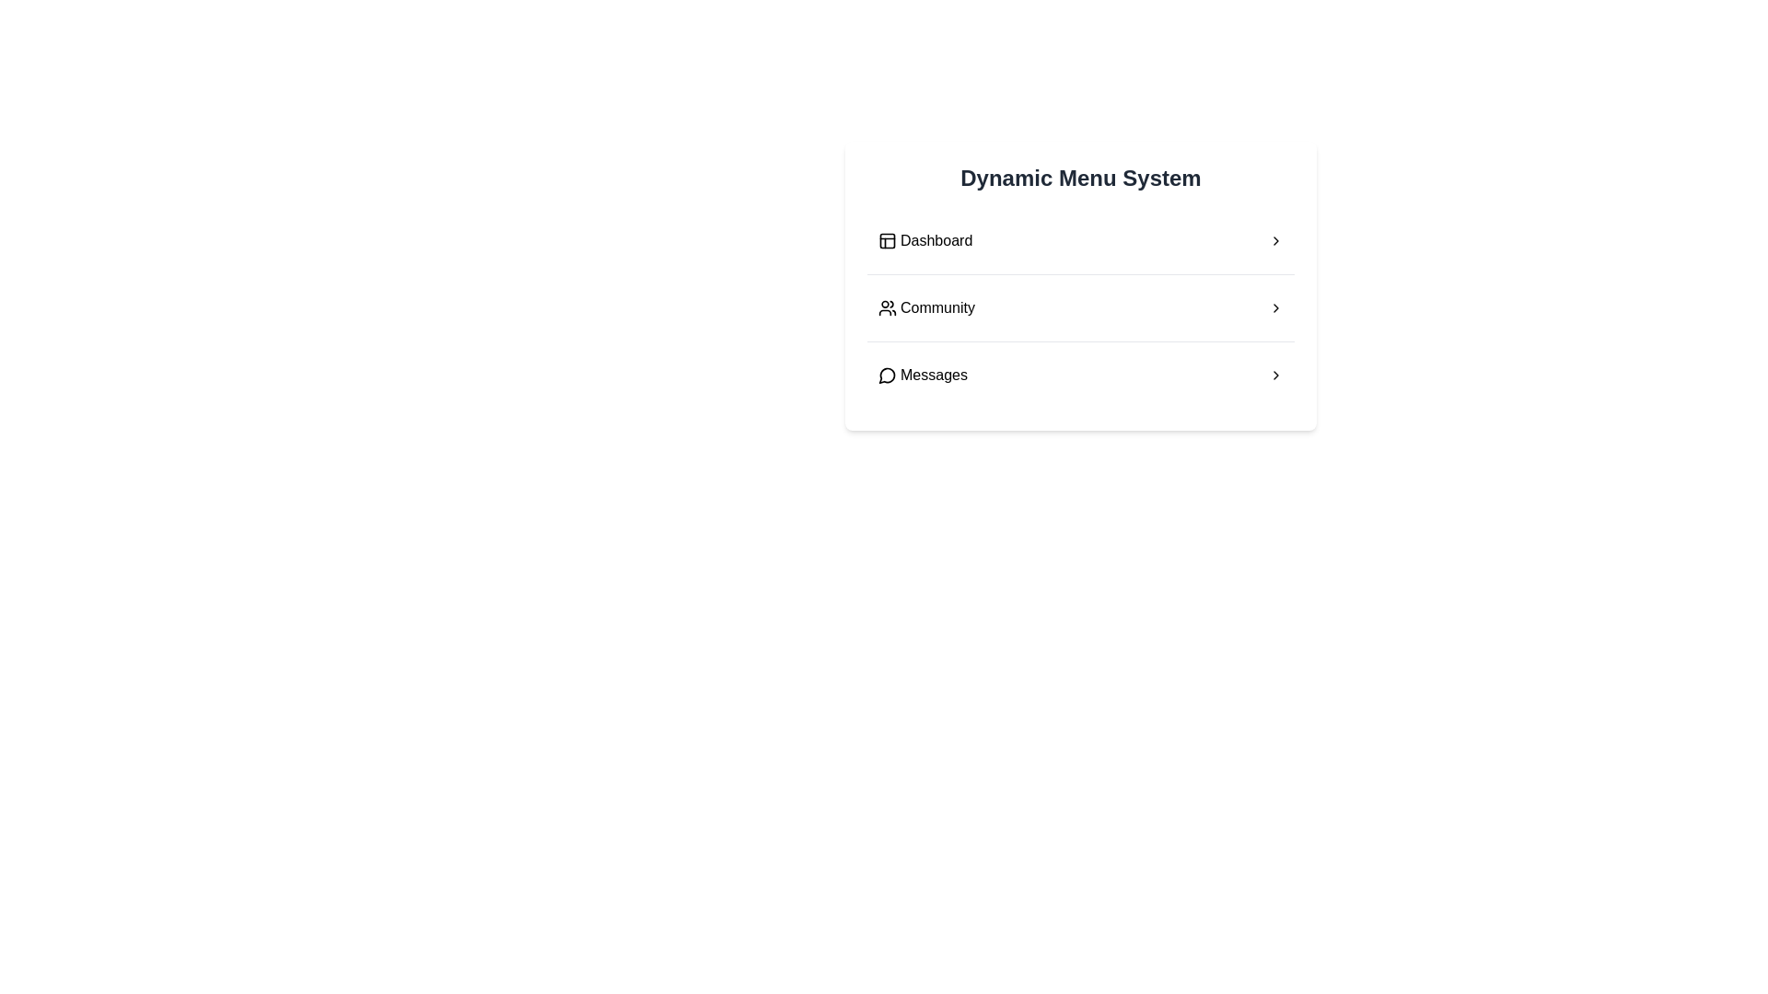 Image resolution: width=1768 pixels, height=994 pixels. What do you see at coordinates (888, 307) in the screenshot?
I see `the small graphical icon representing a group of people, located to the left of the 'Community' text, to interact with the associated menu item` at bounding box center [888, 307].